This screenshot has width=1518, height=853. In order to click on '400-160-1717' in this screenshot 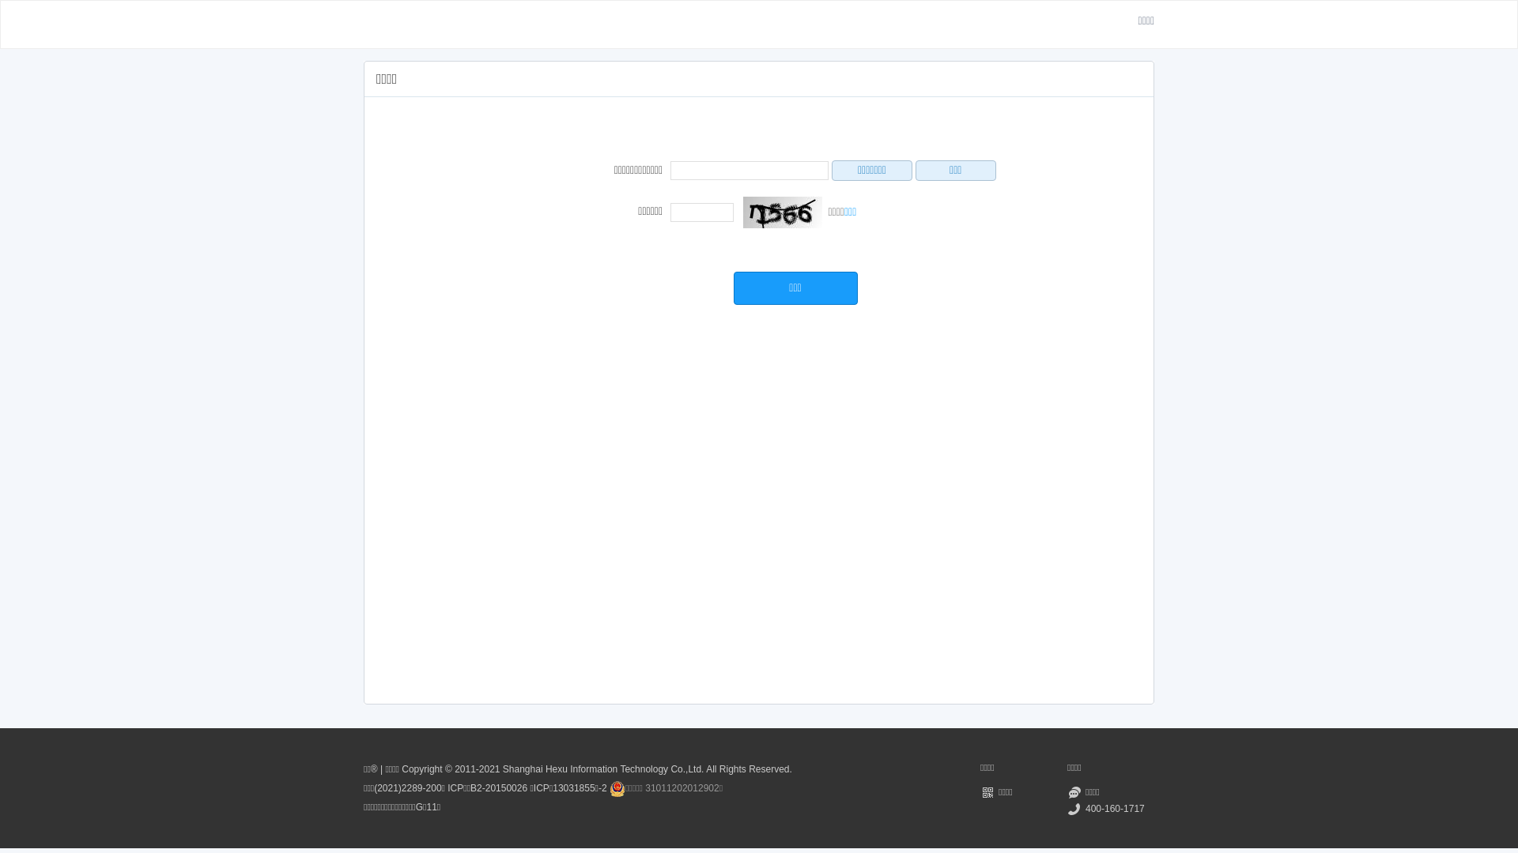, I will do `click(1110, 808)`.